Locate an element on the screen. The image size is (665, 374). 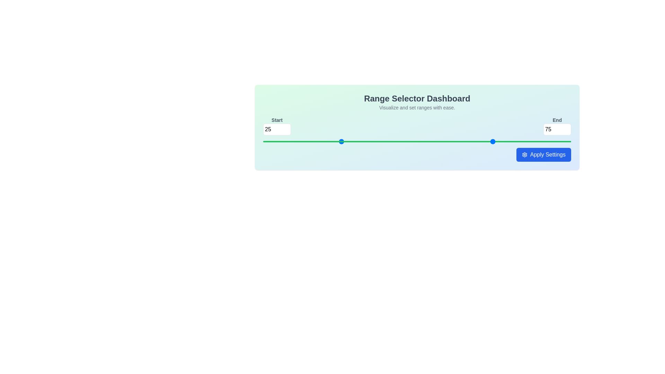
the gear-like icon that is positioned to the left of the text 'Apply Settings' inside the blue button is located at coordinates (524, 154).